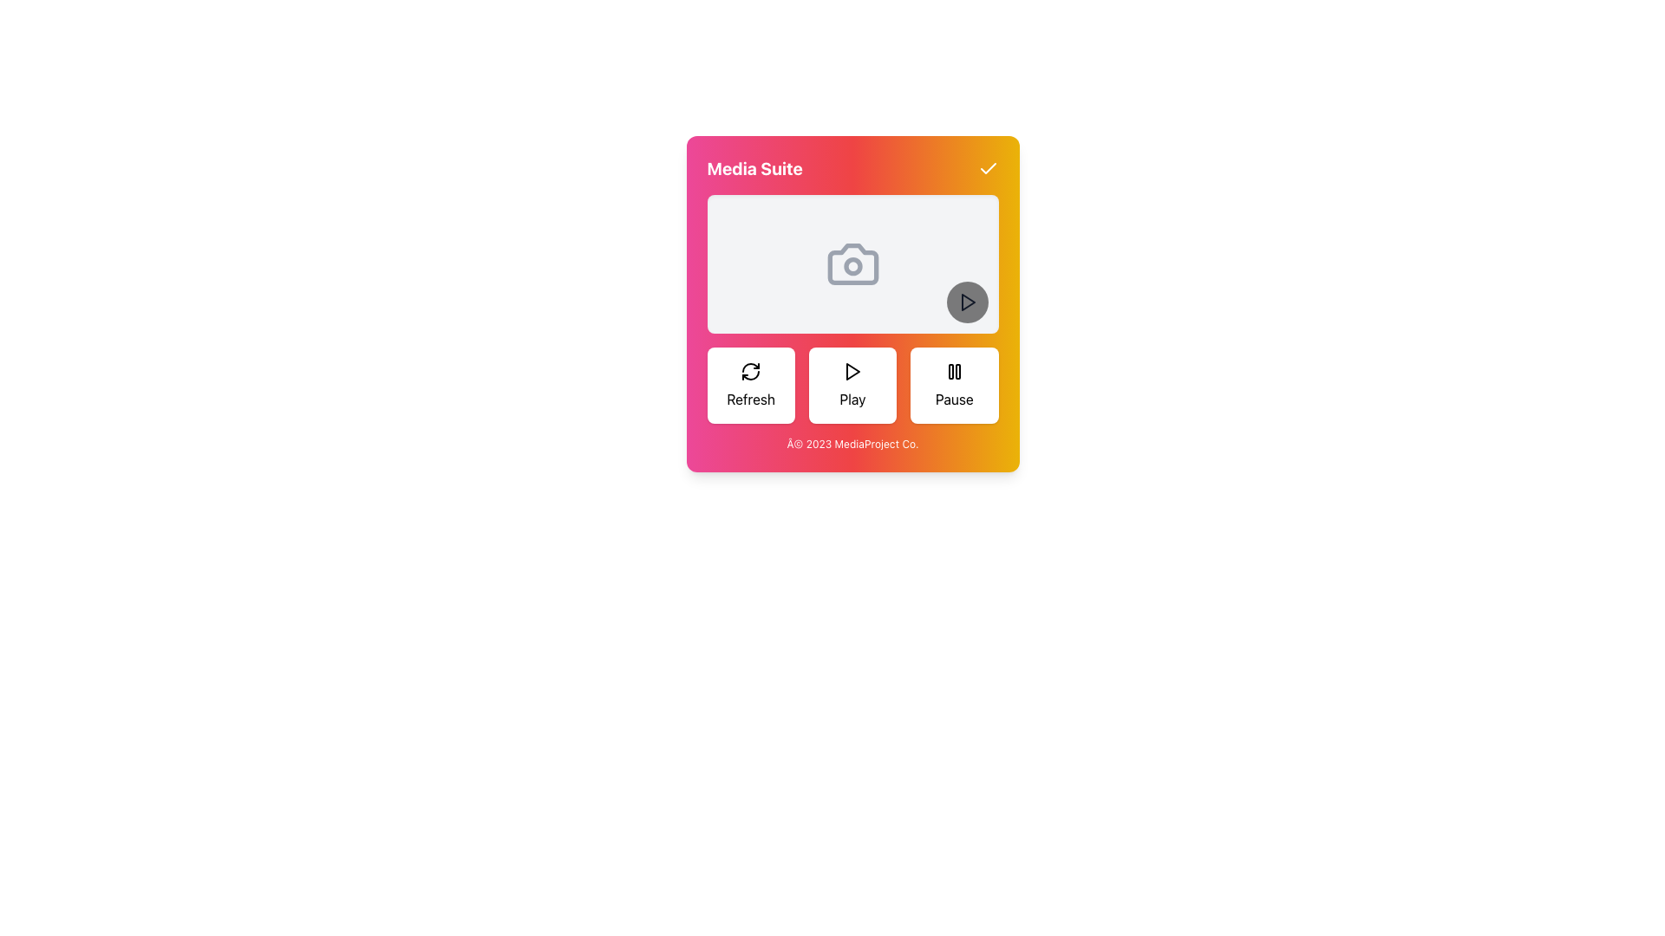 The height and width of the screenshot is (936, 1665). Describe the element at coordinates (953, 384) in the screenshot. I see `the 'Pause' button, which is the third button in a horizontal row of control buttons under the media interface` at that location.